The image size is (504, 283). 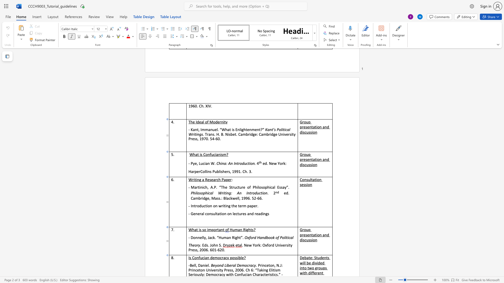 I want to click on the 1th character "s" in the text, so click(x=207, y=245).